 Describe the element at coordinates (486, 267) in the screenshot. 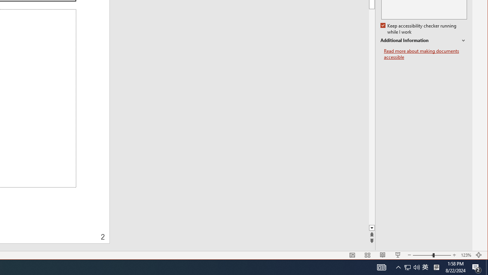

I see `'Show desktop'` at that location.